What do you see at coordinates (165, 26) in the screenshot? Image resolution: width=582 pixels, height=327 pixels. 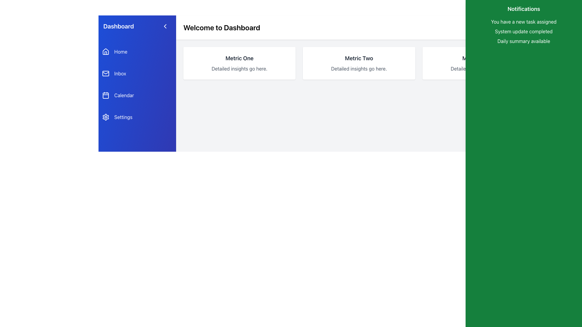 I see `the button located in the top-right corner of the left blue sidebar, next to the 'Dashboard' title` at bounding box center [165, 26].